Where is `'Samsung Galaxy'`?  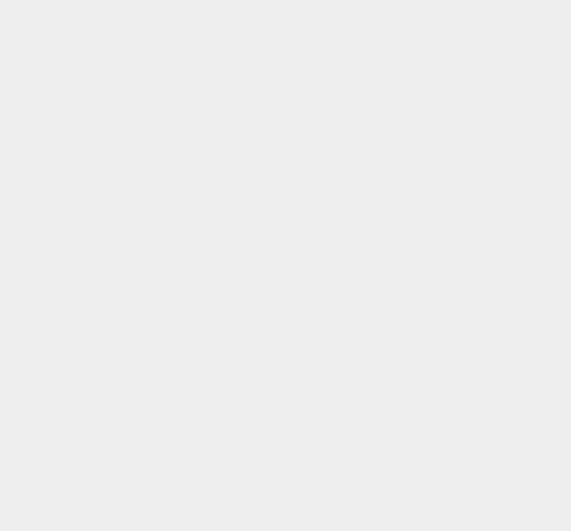 'Samsung Galaxy' is located at coordinates (429, 75).